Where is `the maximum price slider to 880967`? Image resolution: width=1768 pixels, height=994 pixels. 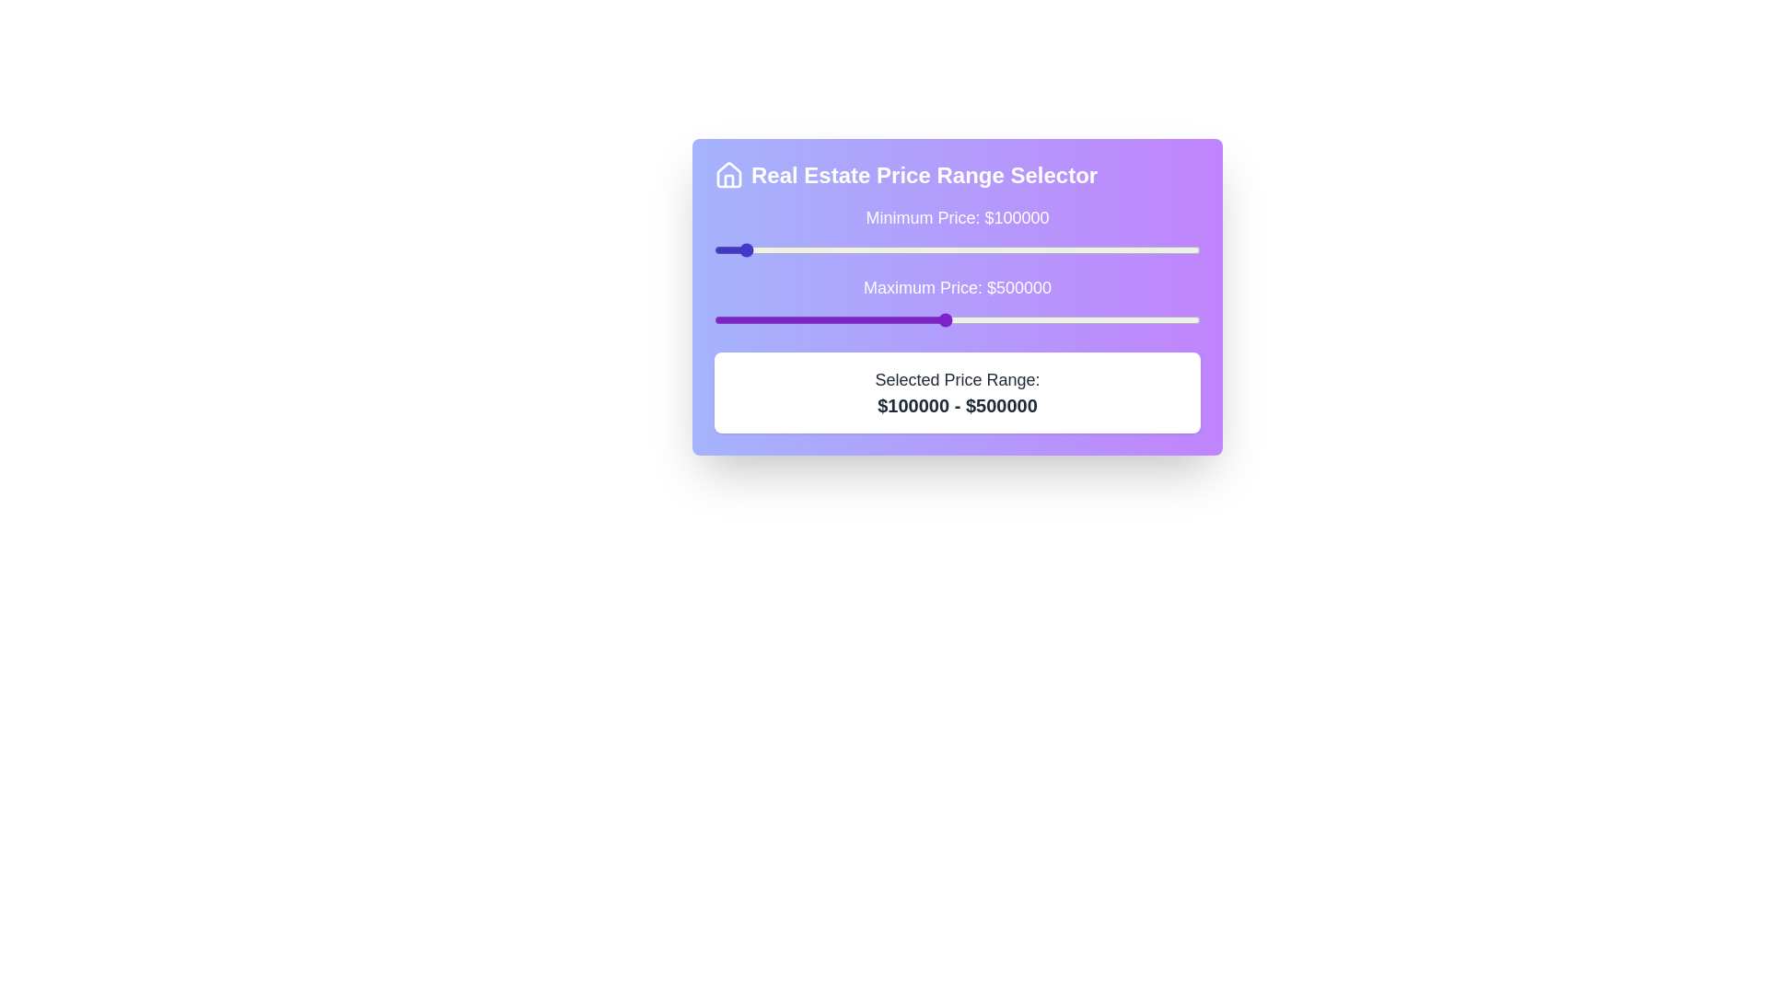
the maximum price slider to 880967 is located at coordinates (1138, 318).